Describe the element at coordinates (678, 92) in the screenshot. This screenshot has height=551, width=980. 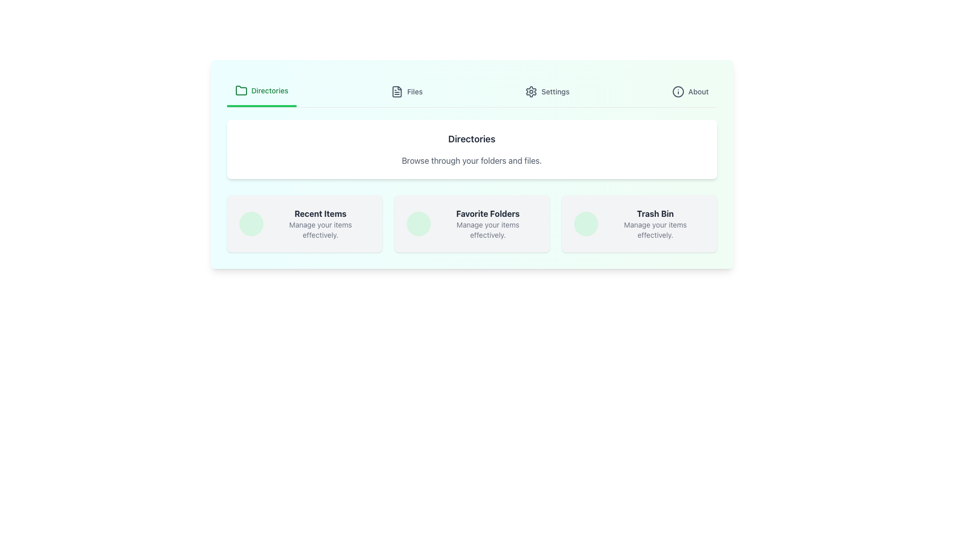
I see `the circular component of the 'info' icon located at the top-right corner of the interface near the 'About' text` at that location.